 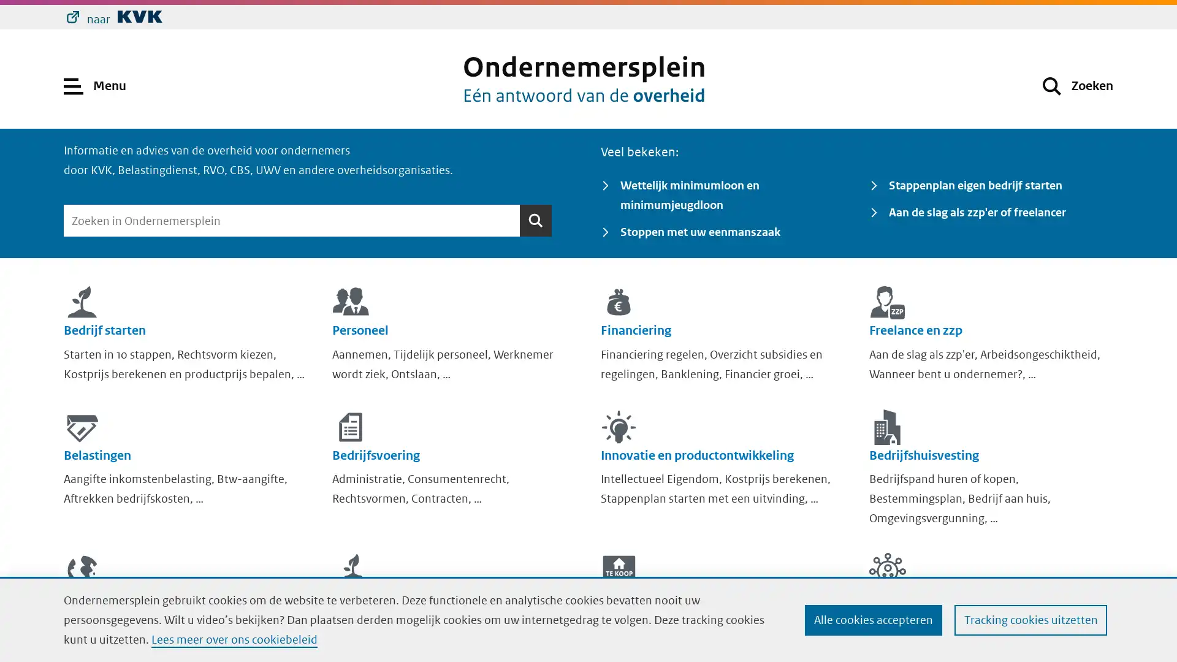 I want to click on Tracking cookies uitzetten, so click(x=1030, y=620).